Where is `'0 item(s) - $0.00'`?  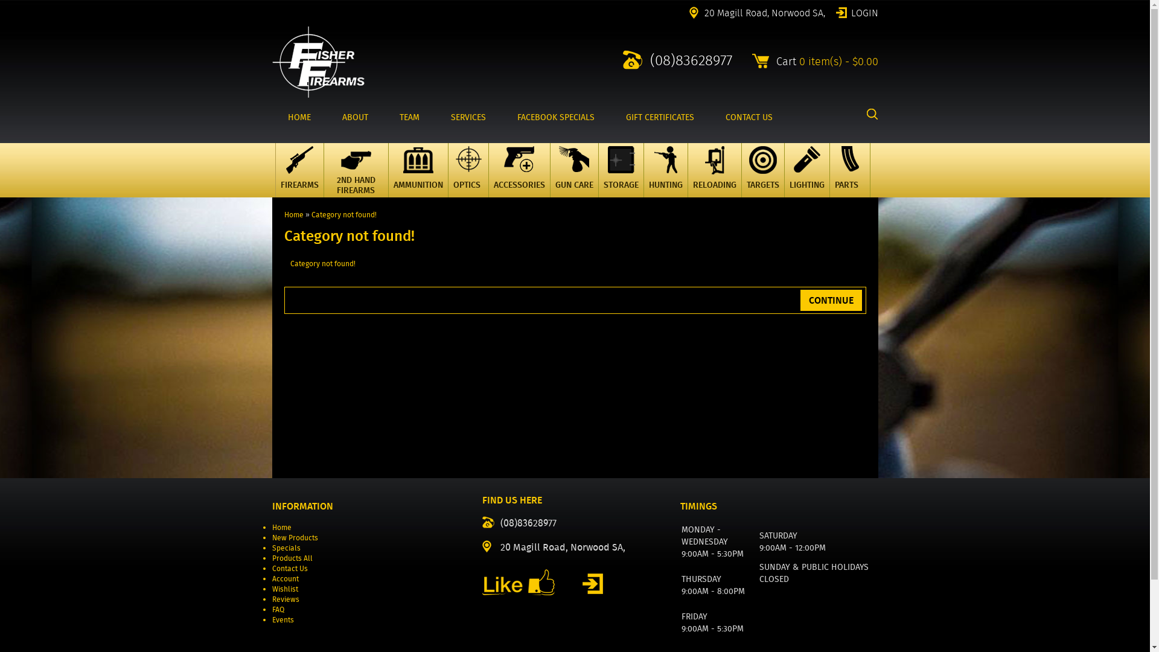
'0 item(s) - $0.00' is located at coordinates (838, 61).